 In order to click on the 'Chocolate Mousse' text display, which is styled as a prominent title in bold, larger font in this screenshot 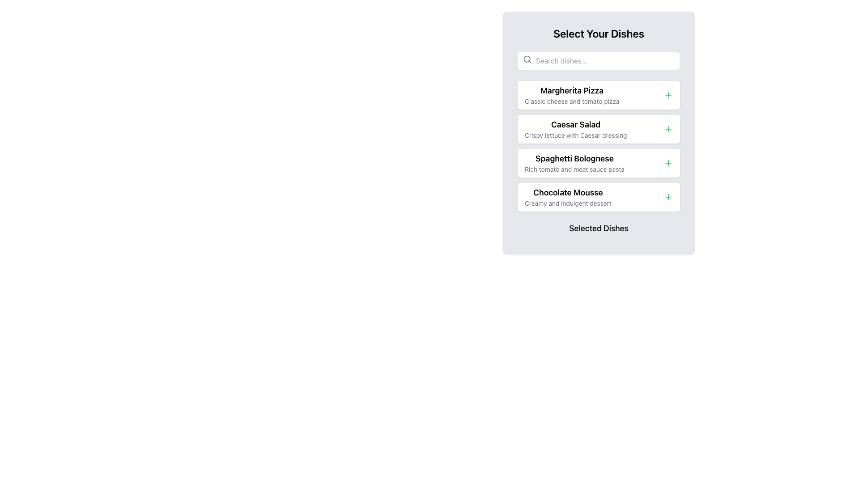, I will do `click(567, 196)`.